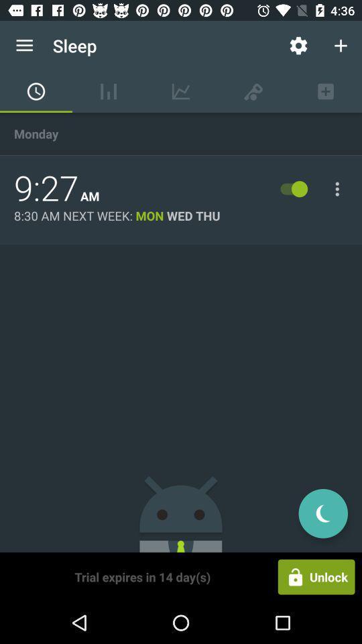  What do you see at coordinates (46, 188) in the screenshot?
I see `the item below monday item` at bounding box center [46, 188].